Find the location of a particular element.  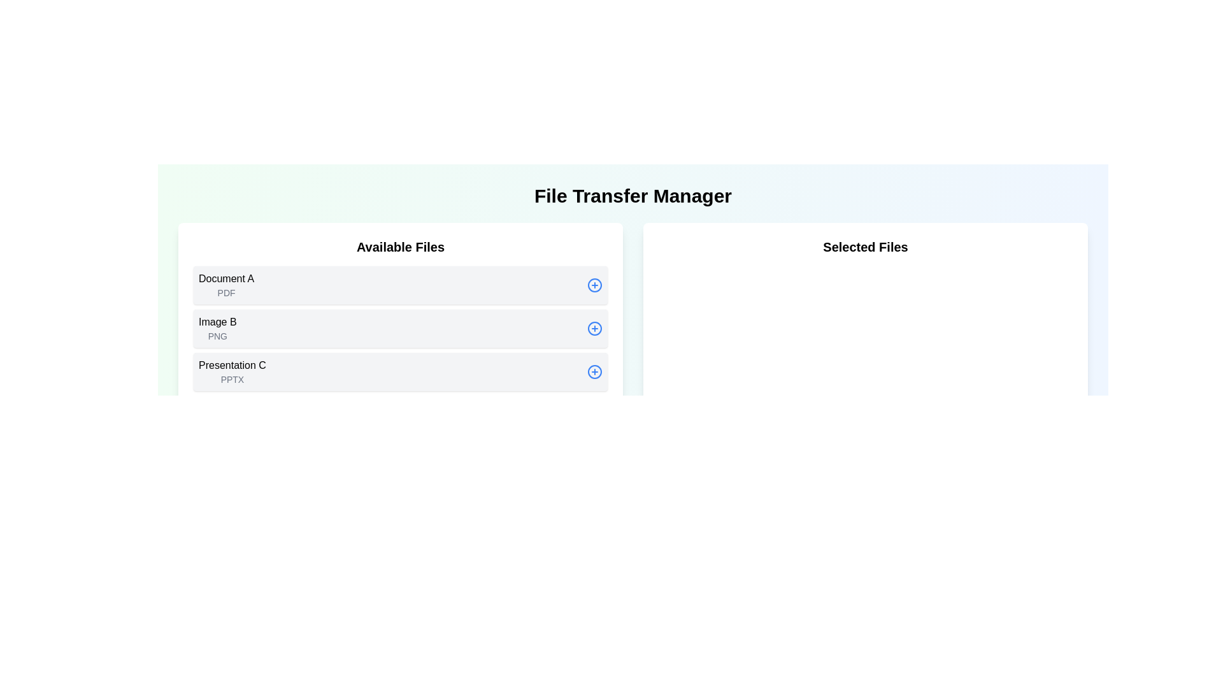

the button located on the far right side of the 'Document A' row in the 'Available Files' section is located at coordinates (594, 284).